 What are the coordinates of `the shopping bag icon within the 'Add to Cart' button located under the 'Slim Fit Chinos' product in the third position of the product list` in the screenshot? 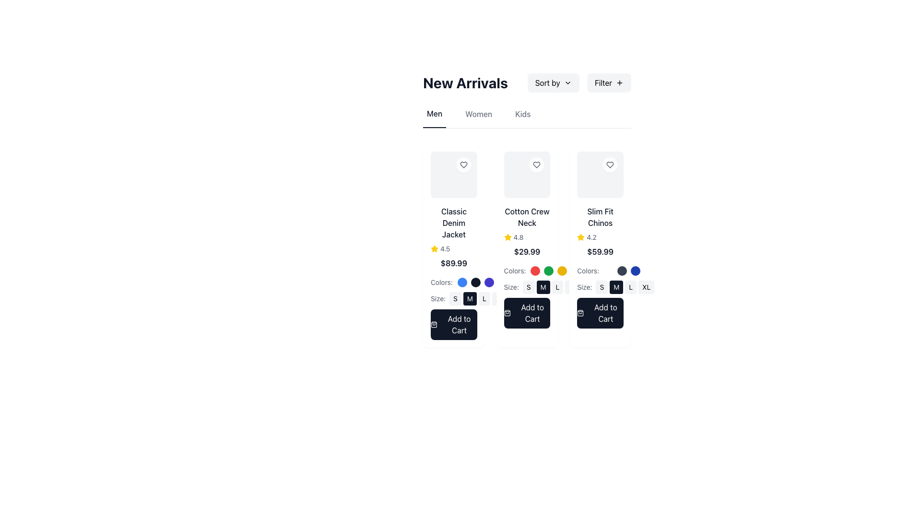 It's located at (580, 313).